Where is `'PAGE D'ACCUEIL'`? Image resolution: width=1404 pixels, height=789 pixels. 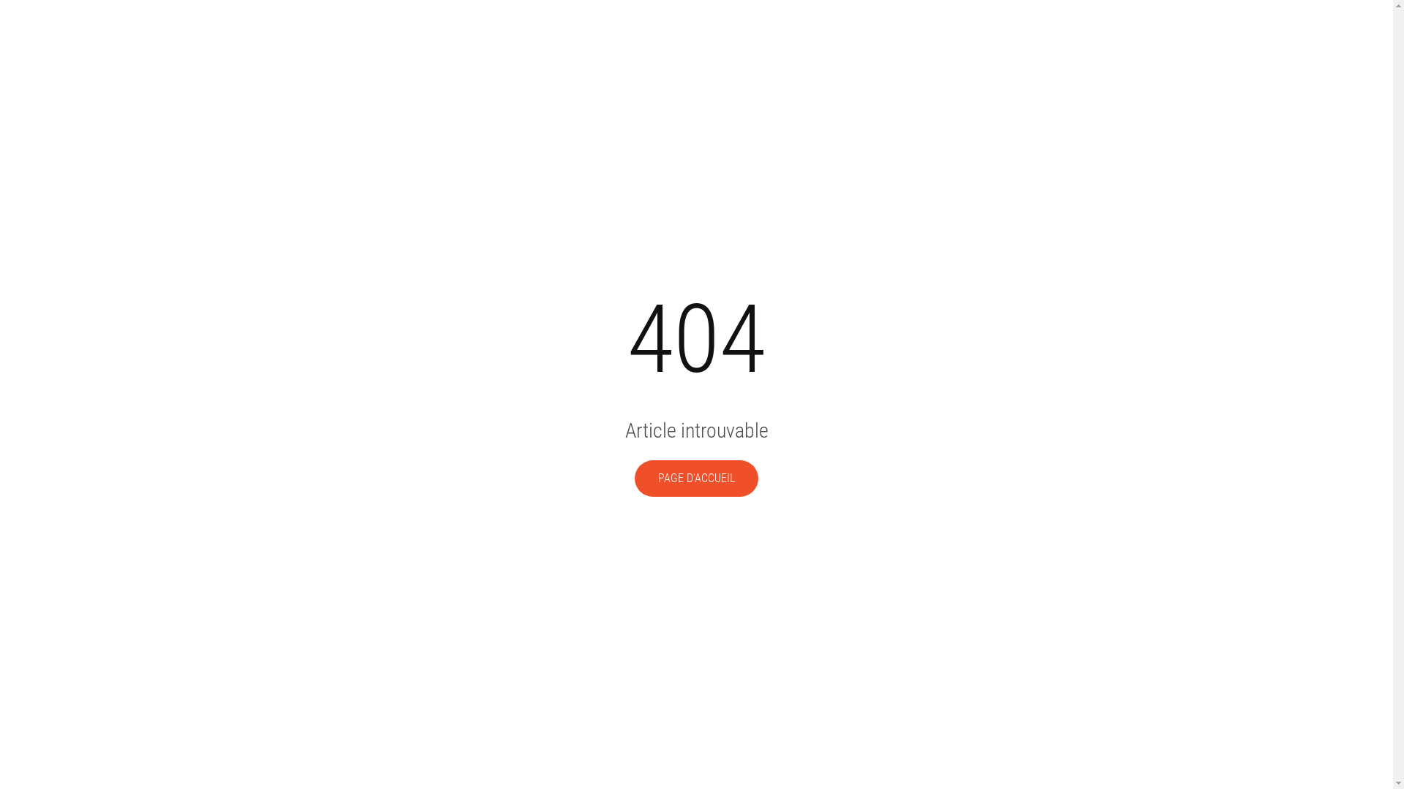 'PAGE D'ACCUEIL' is located at coordinates (695, 479).